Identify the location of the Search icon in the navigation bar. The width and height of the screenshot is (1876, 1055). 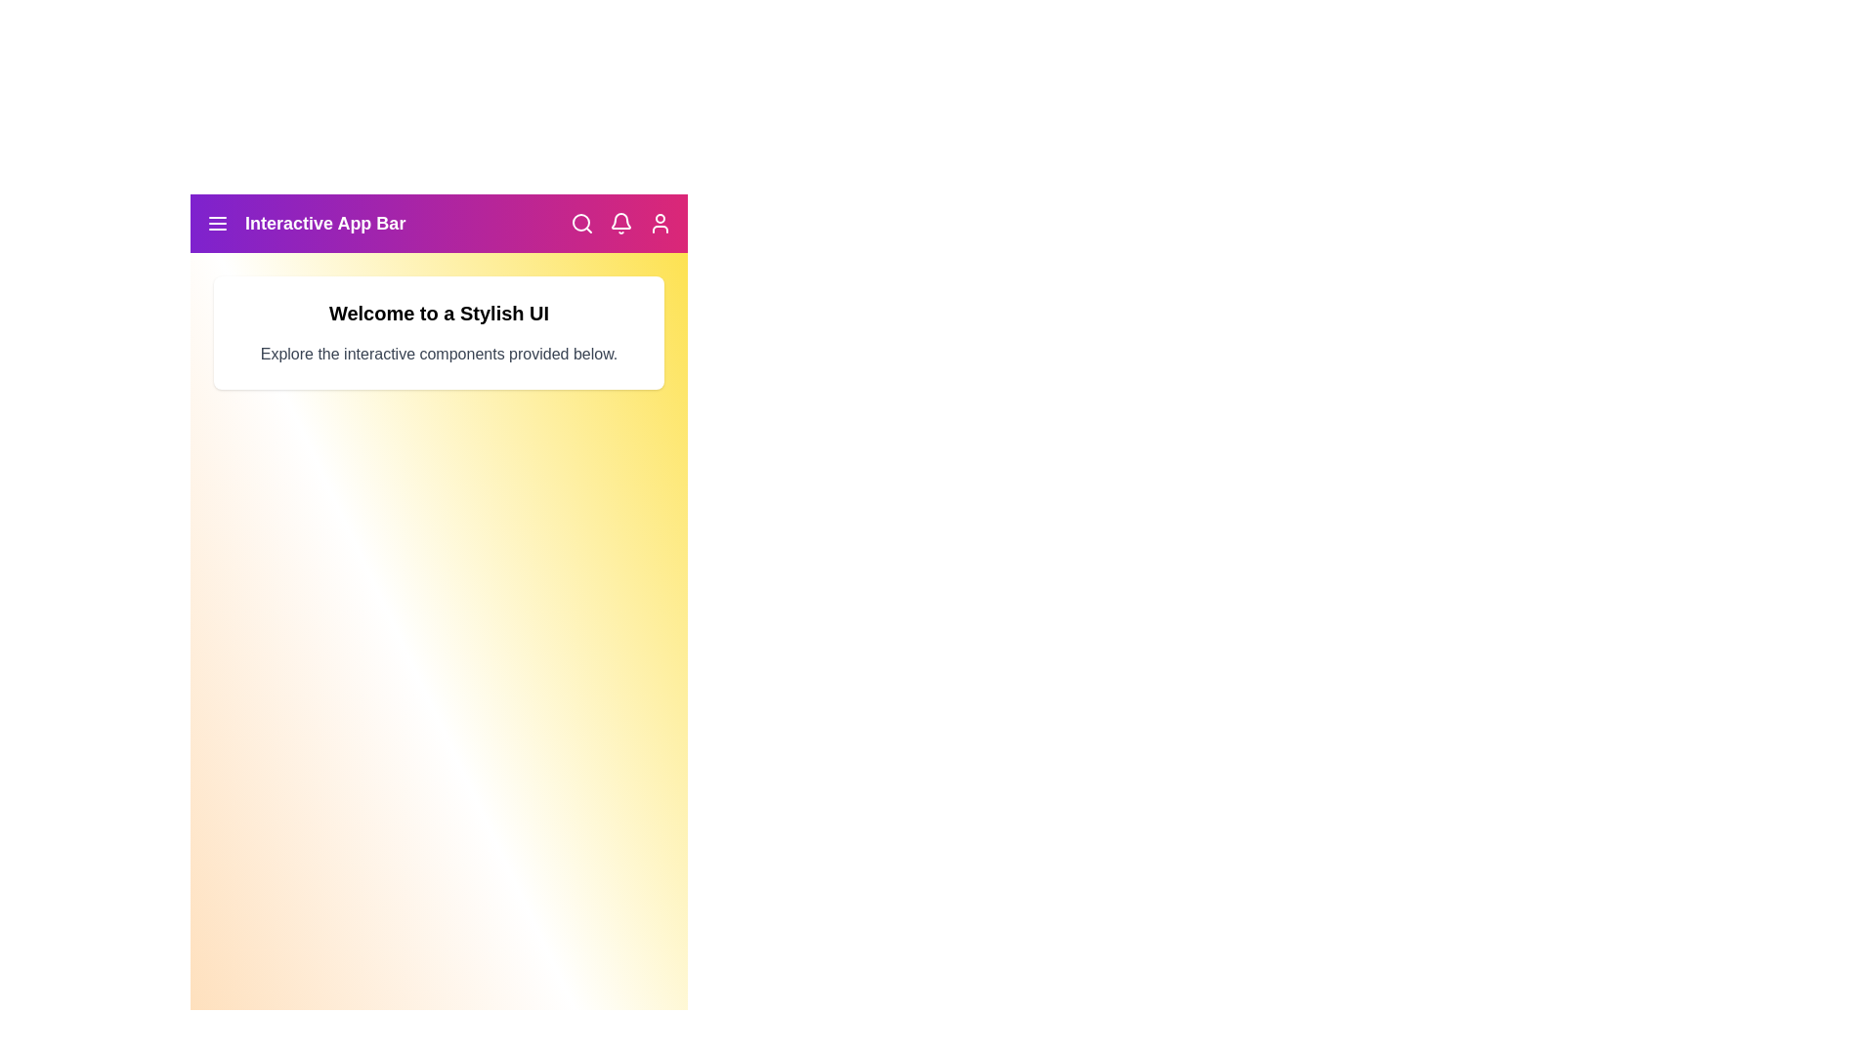
(580, 222).